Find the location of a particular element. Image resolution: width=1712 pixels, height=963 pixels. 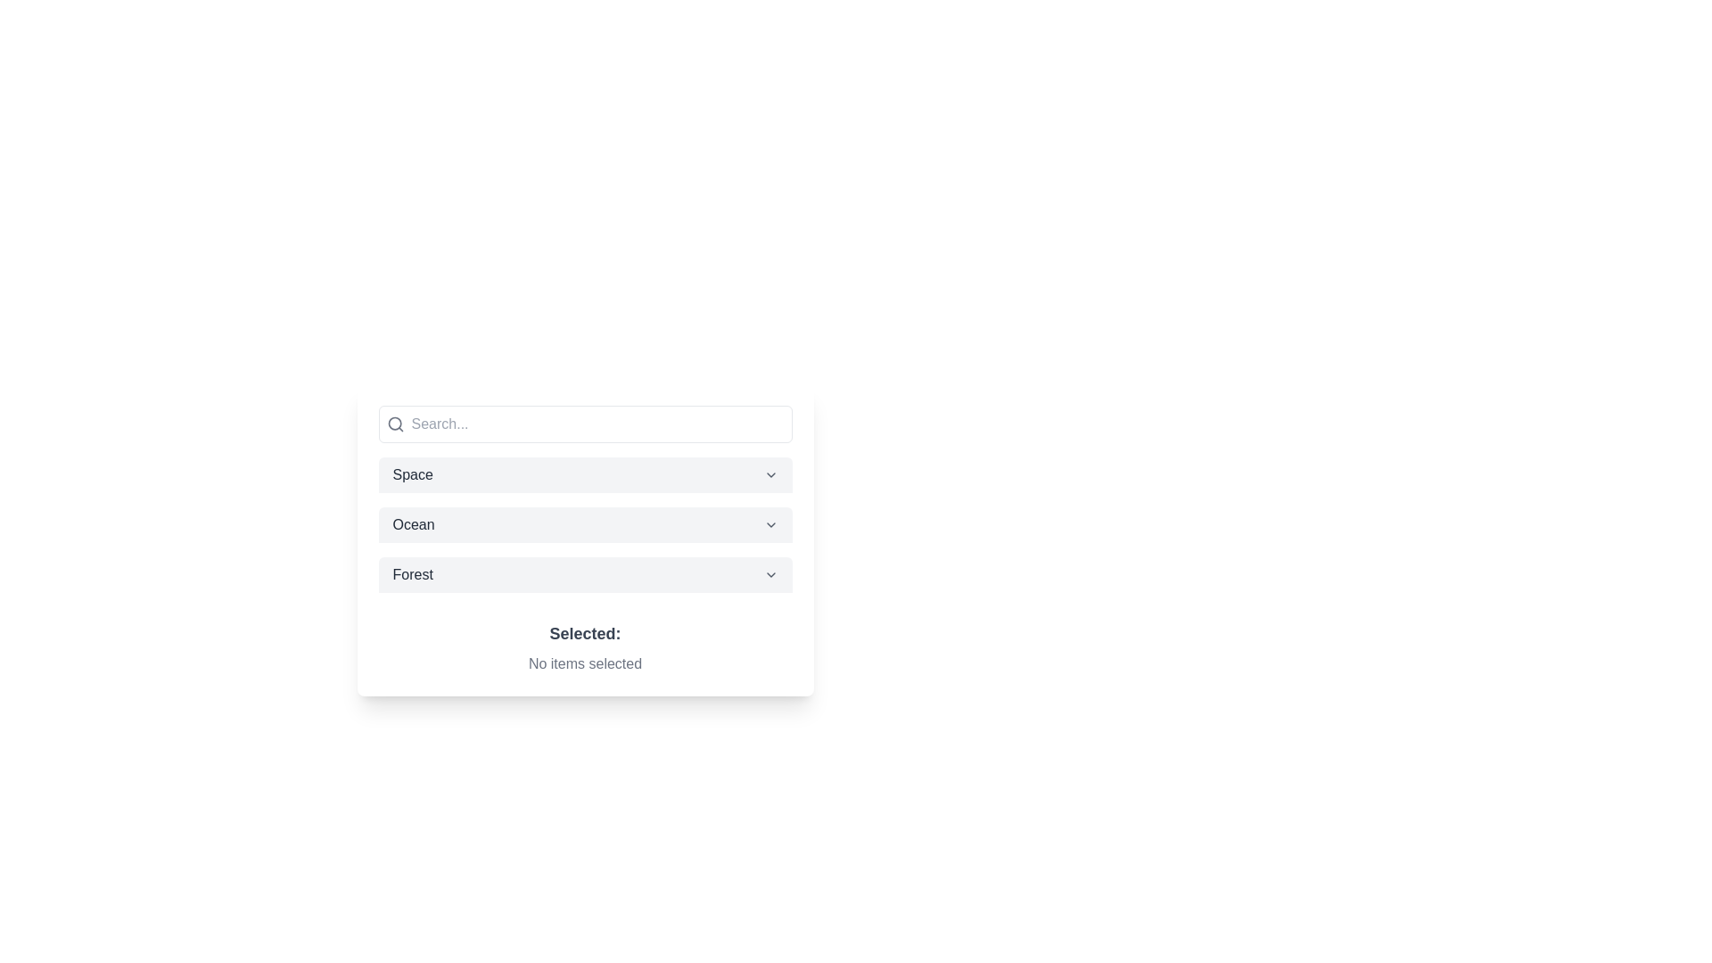

the small gray downward-pointing chevron icon located to the far right of the row labeled 'Ocean' is located at coordinates (770, 524).